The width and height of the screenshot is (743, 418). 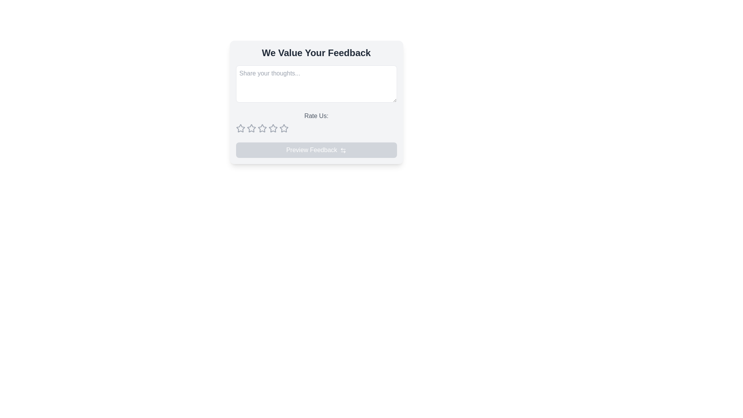 What do you see at coordinates (240, 128) in the screenshot?
I see `the leftmost star-shaped icon in the feedback form to rate it` at bounding box center [240, 128].